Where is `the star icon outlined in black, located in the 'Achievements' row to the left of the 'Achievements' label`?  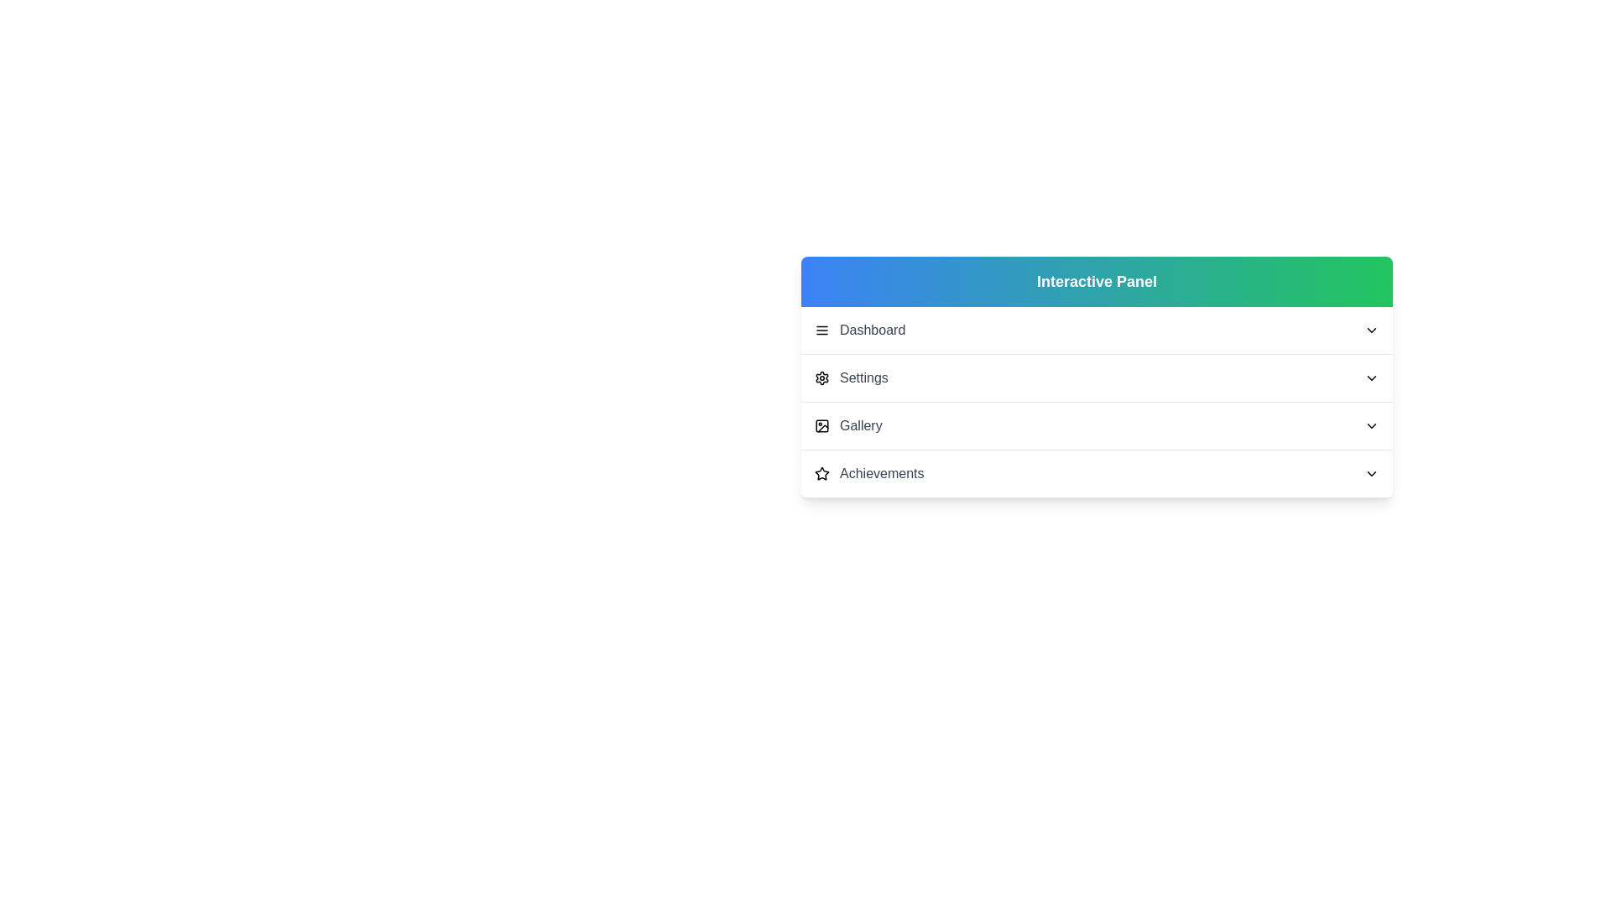
the star icon outlined in black, located in the 'Achievements' row to the left of the 'Achievements' label is located at coordinates (821, 473).